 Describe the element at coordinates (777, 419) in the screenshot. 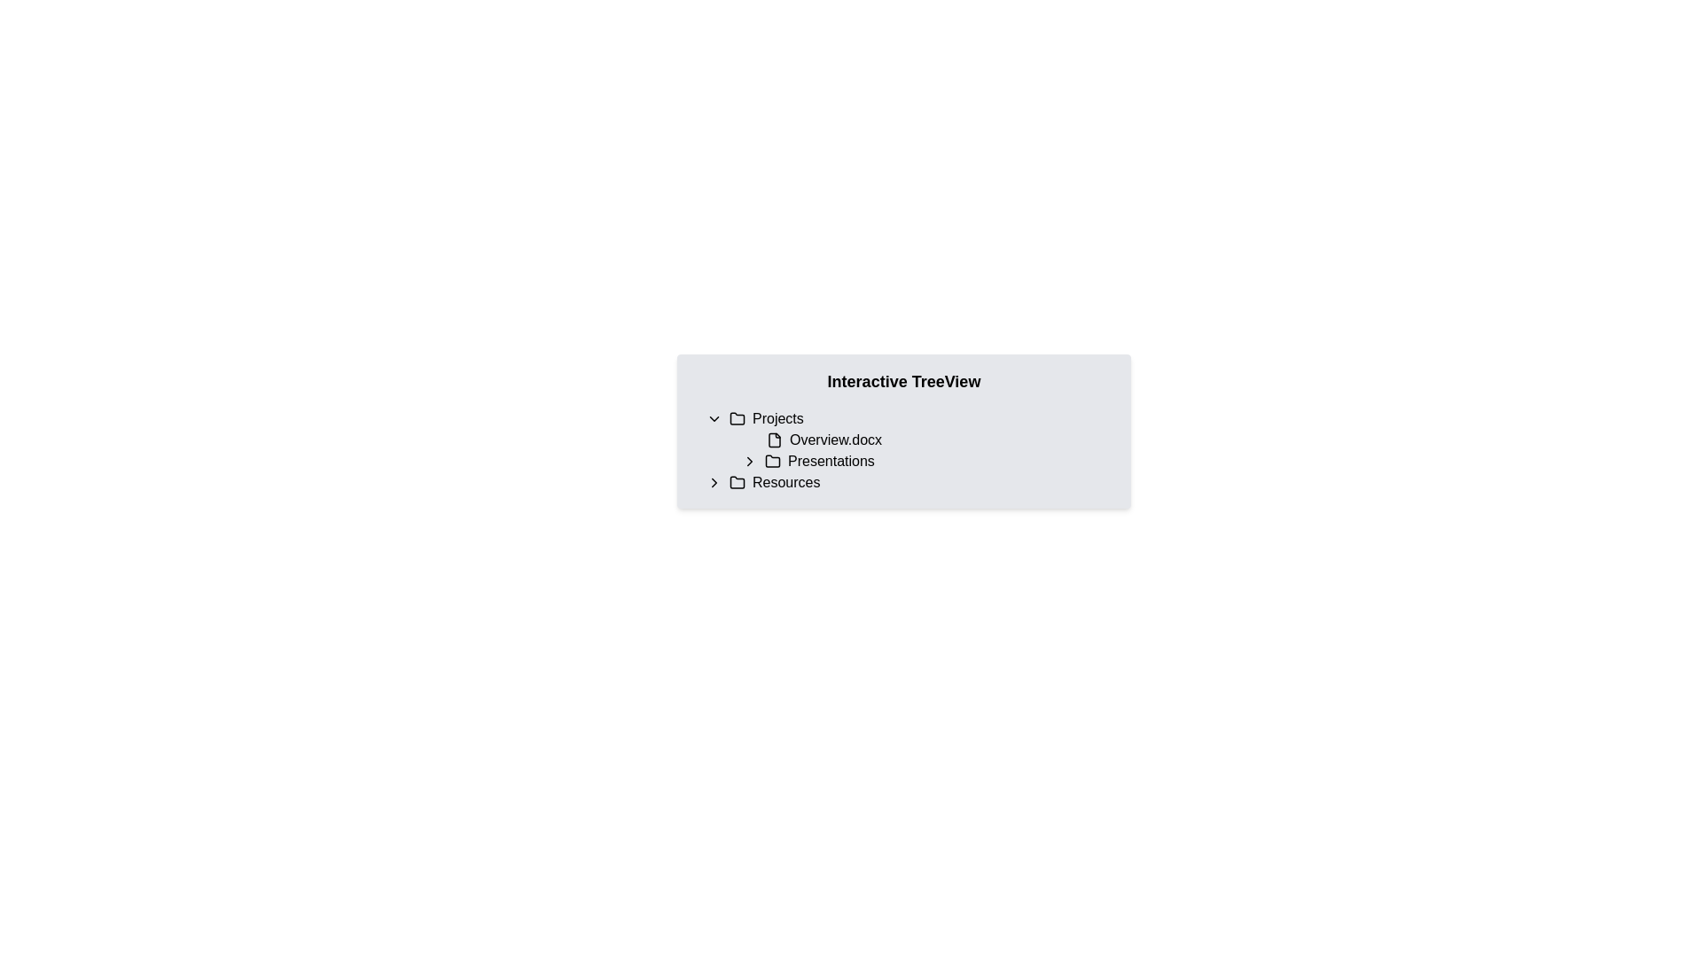

I see `the 'Projects' text label, which is styled in a clear, sans-serif font and is positioned between a folder icon and a chevron indicator within a folder-like UI component` at that location.